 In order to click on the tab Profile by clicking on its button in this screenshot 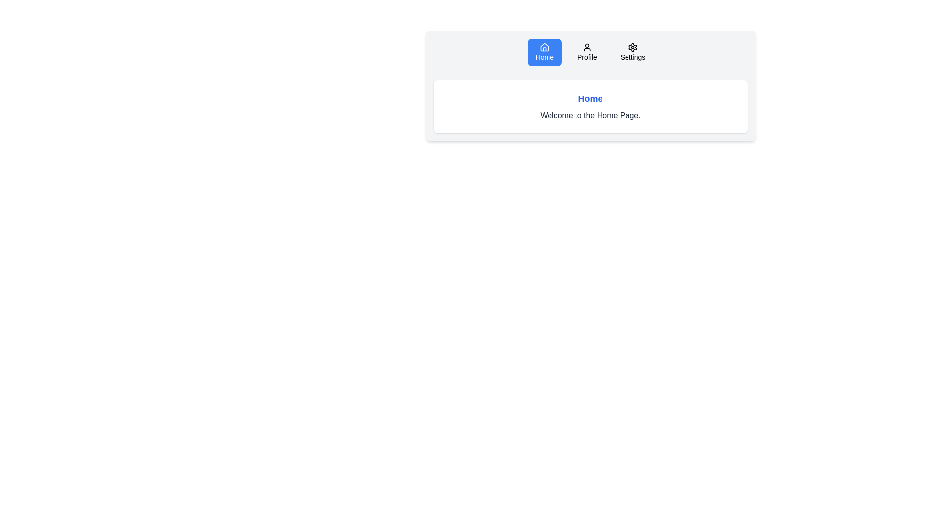, I will do `click(587, 52)`.